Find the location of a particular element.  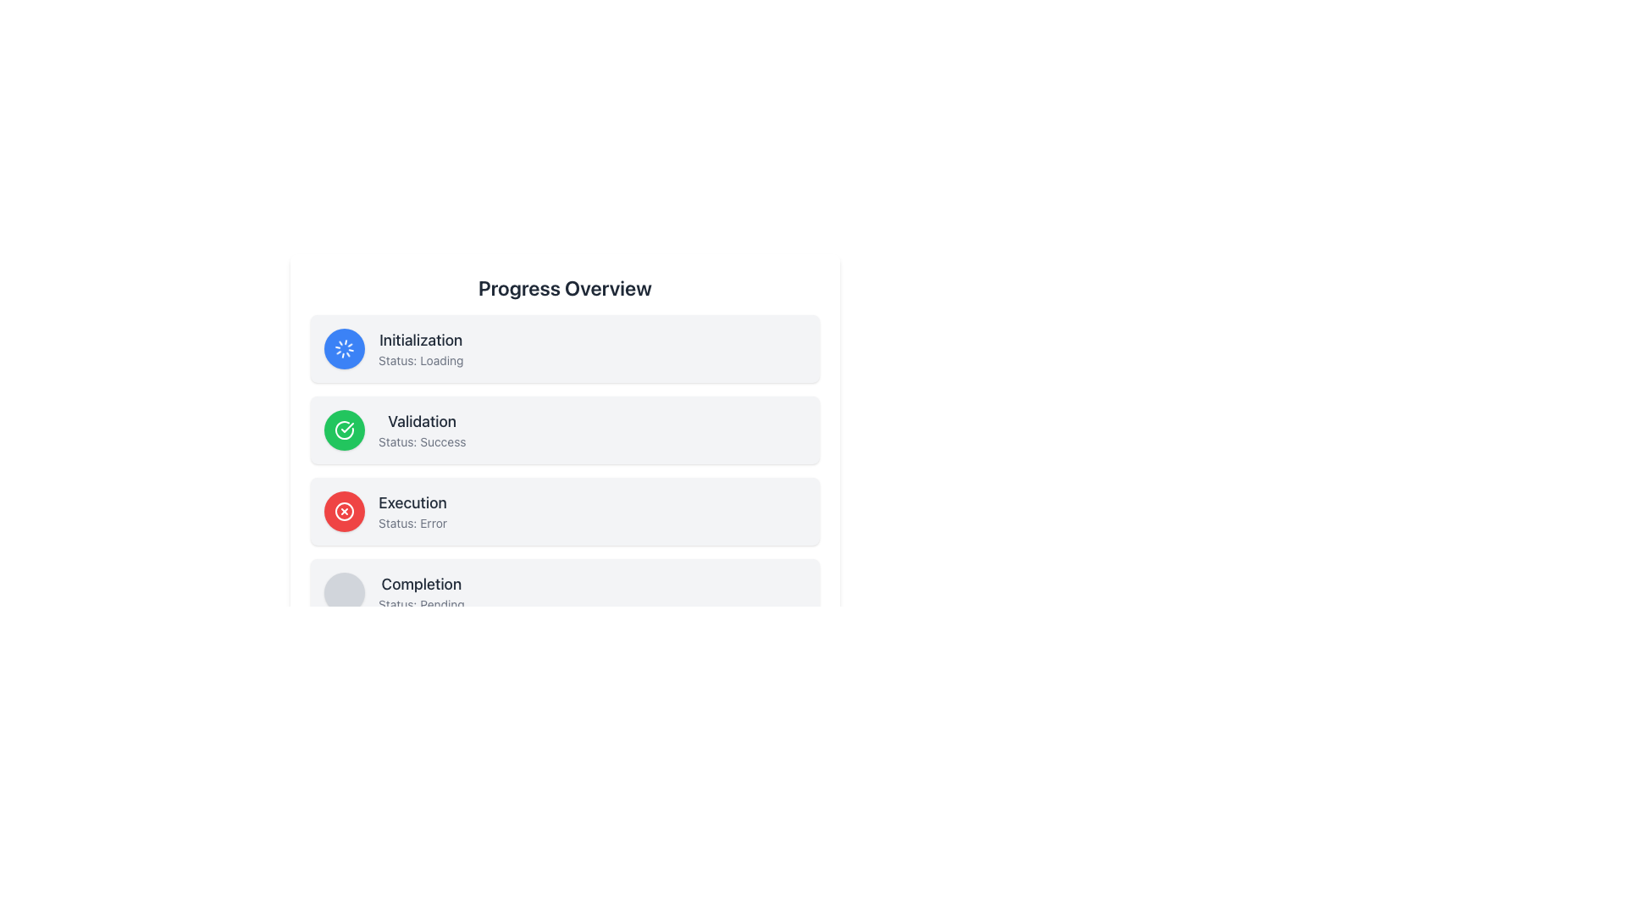

the SVG Circle element representing a crossed-out circle for the 'Execution' item in the 'Progress Overview' list, which indicates error or cancellation is located at coordinates (344, 511).